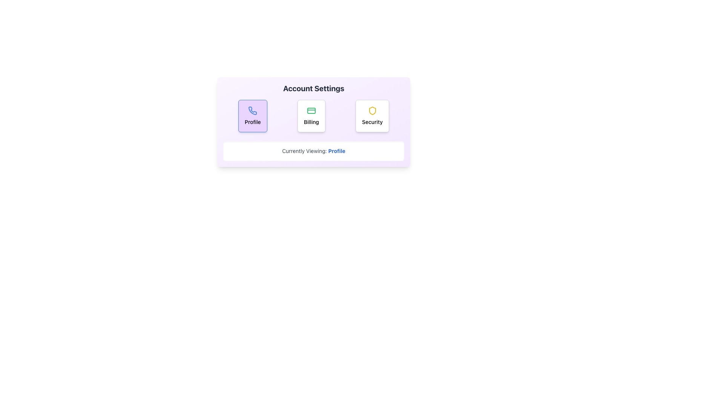  Describe the element at coordinates (311, 110) in the screenshot. I see `the green credit card icon located in the Billing section of the Account Settings interface` at that location.